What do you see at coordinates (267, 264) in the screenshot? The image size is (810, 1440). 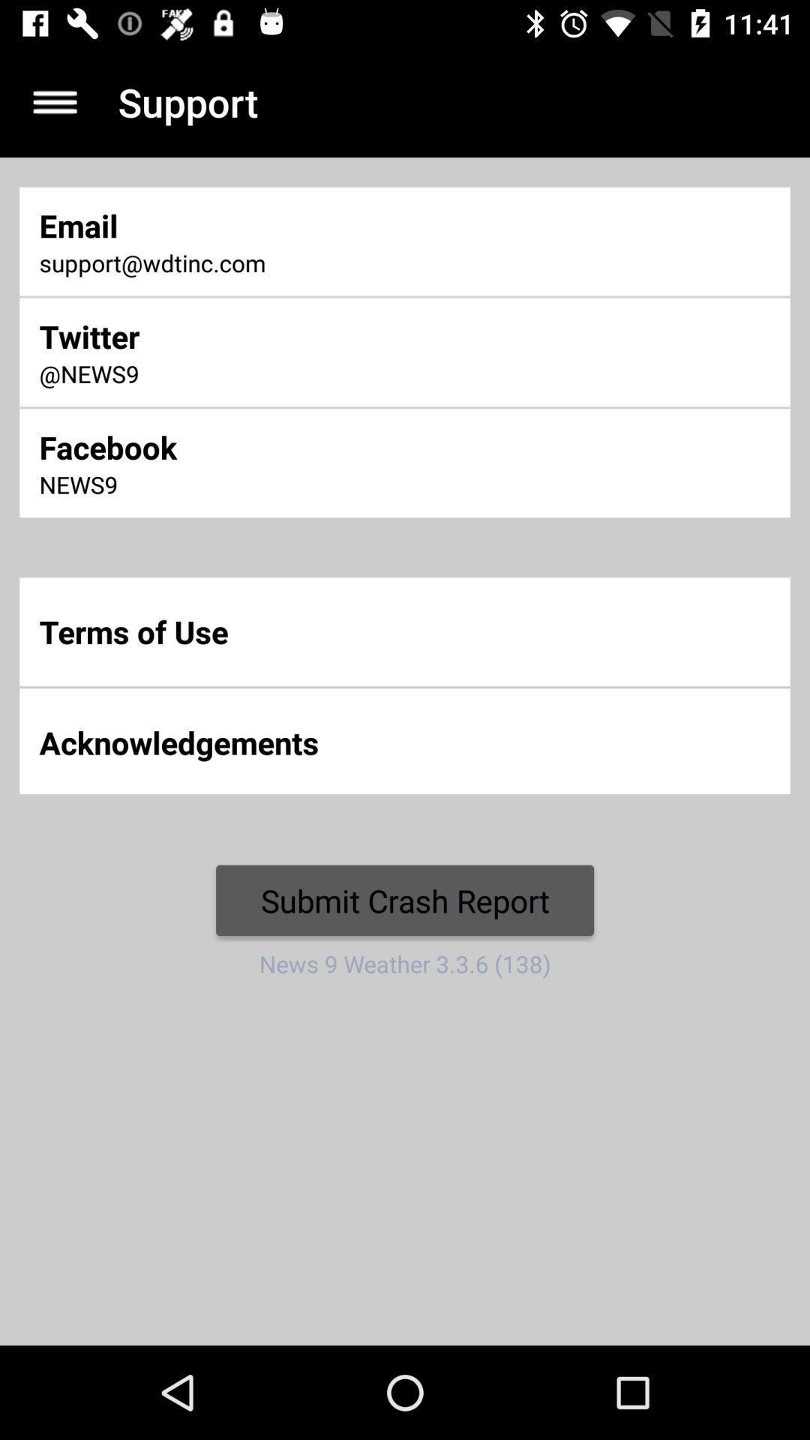 I see `support@wdtinc.com item` at bounding box center [267, 264].